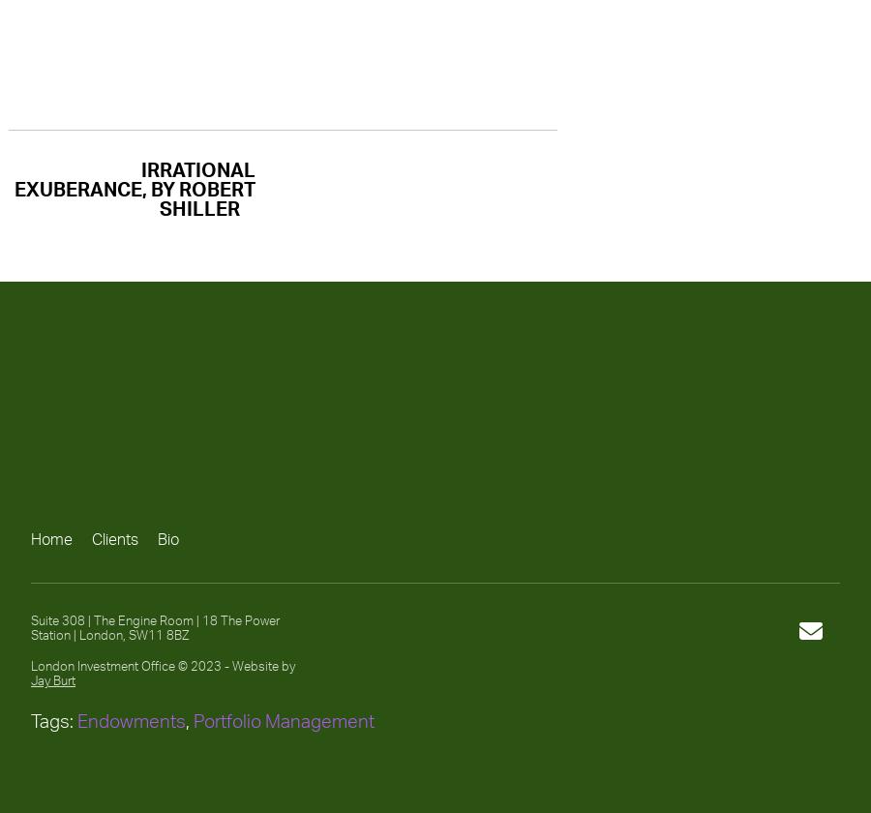 The height and width of the screenshot is (813, 871). Describe the element at coordinates (135, 189) in the screenshot. I see `'Irrational Exuberance, by Robert Shiller'` at that location.